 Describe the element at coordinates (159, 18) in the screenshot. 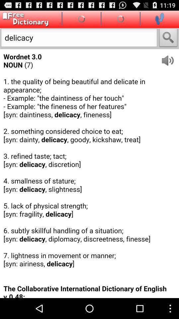

I see `option` at that location.